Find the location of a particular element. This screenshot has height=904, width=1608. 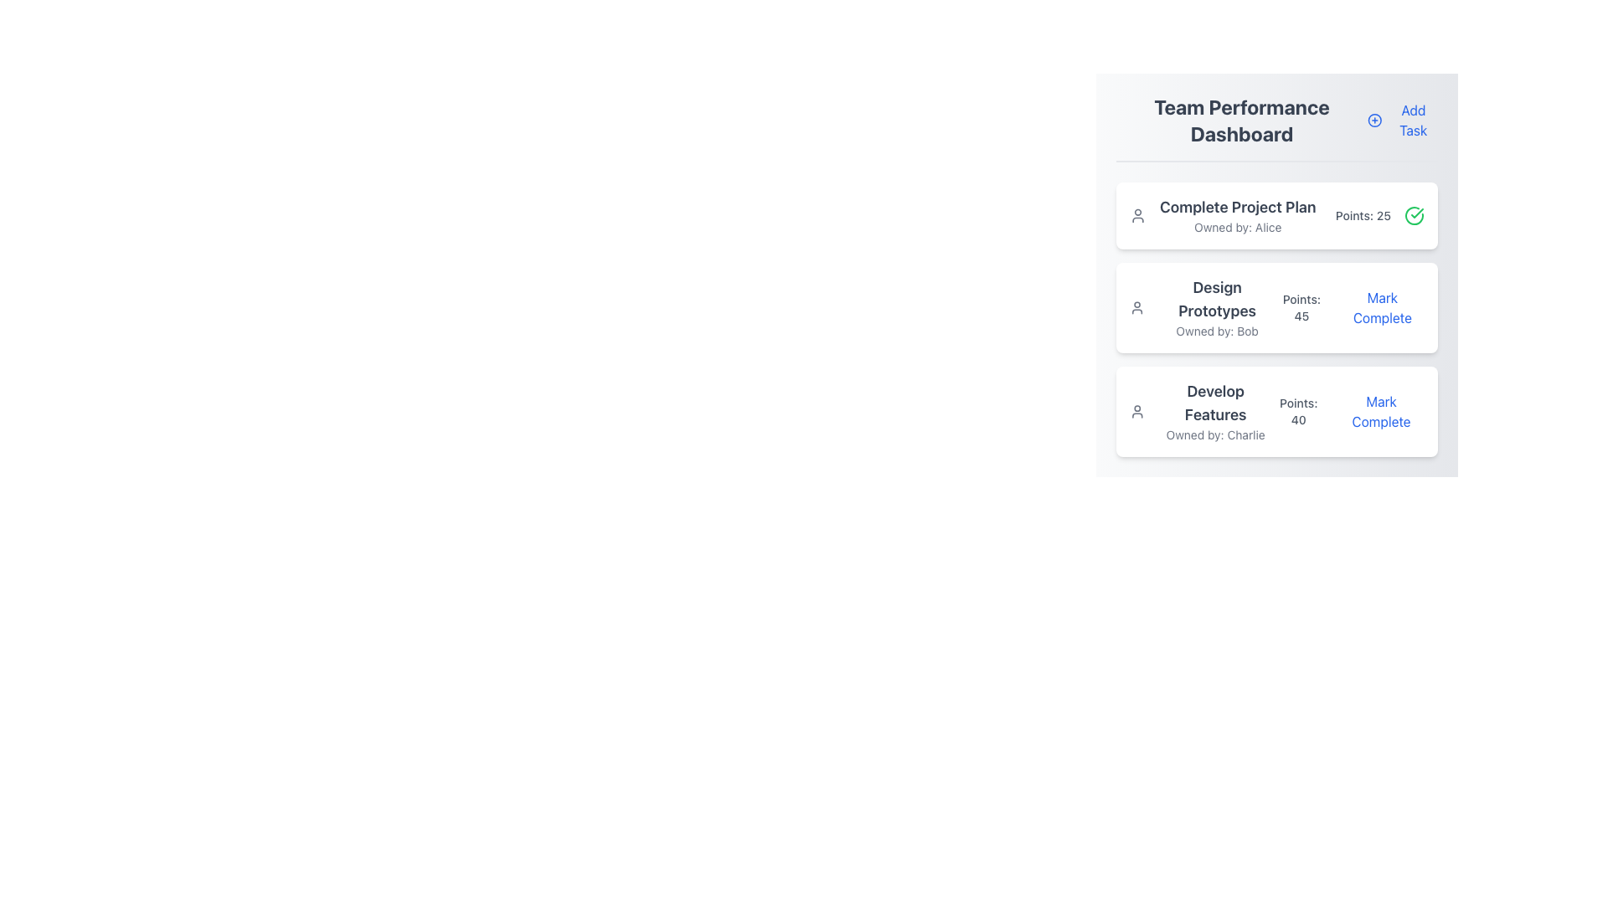

the informational text label displaying the task name 'Develop Features' and owner 'Charlie', located on the left side of the third card in the 'Team Performance Dashboard' is located at coordinates (1200, 412).